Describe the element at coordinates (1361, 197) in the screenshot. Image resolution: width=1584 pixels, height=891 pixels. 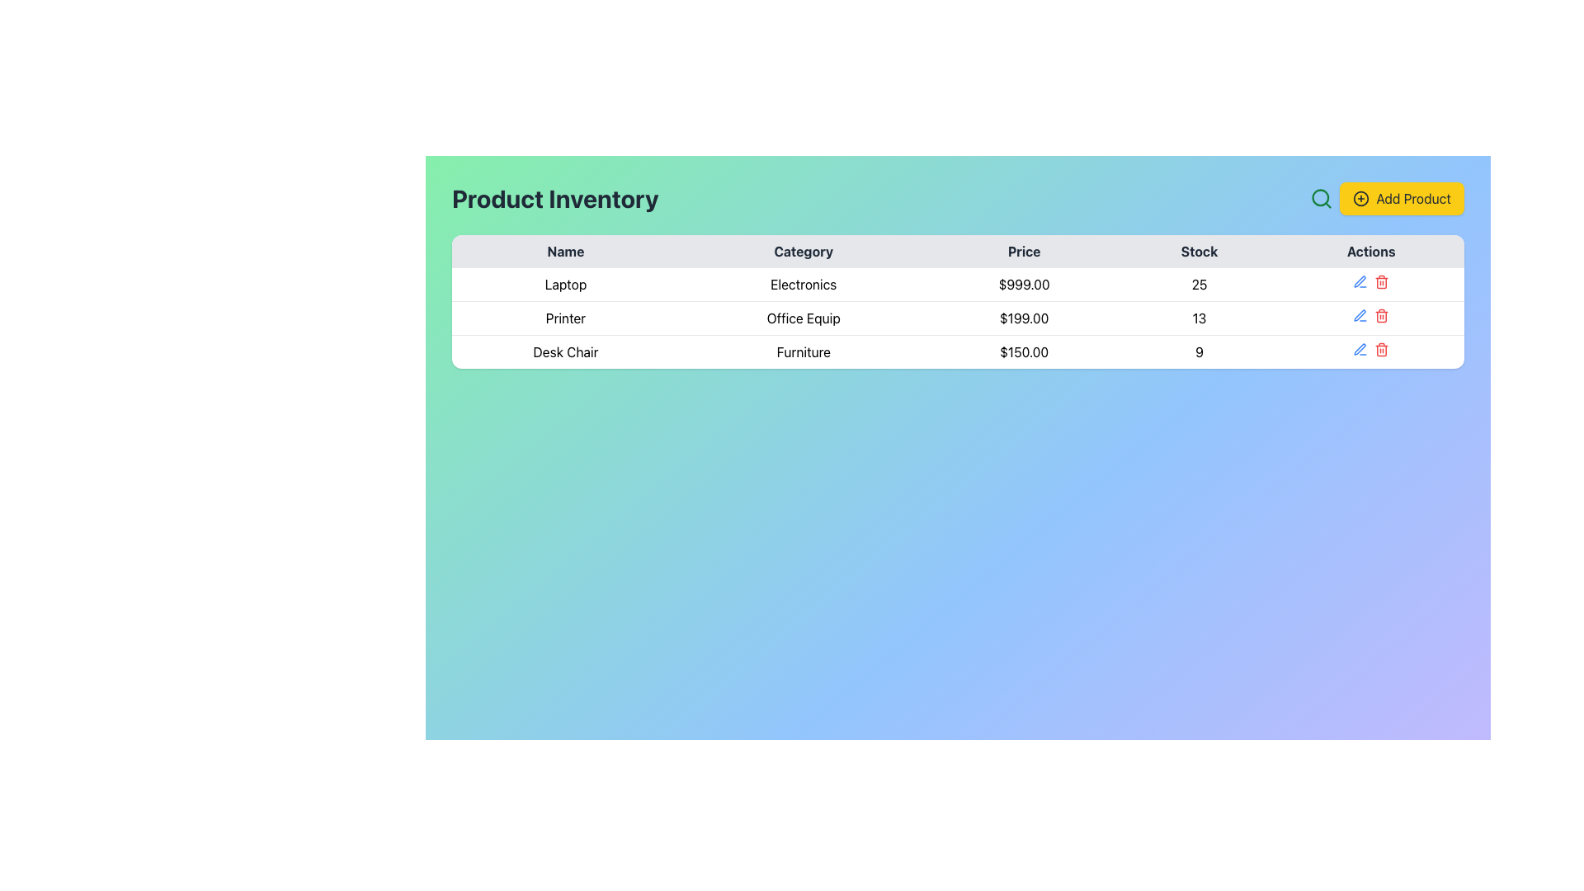
I see `the circular icon with a black outline on a yellow background, located within the 'Add Product' button at the top-right corner of the page layout` at that location.